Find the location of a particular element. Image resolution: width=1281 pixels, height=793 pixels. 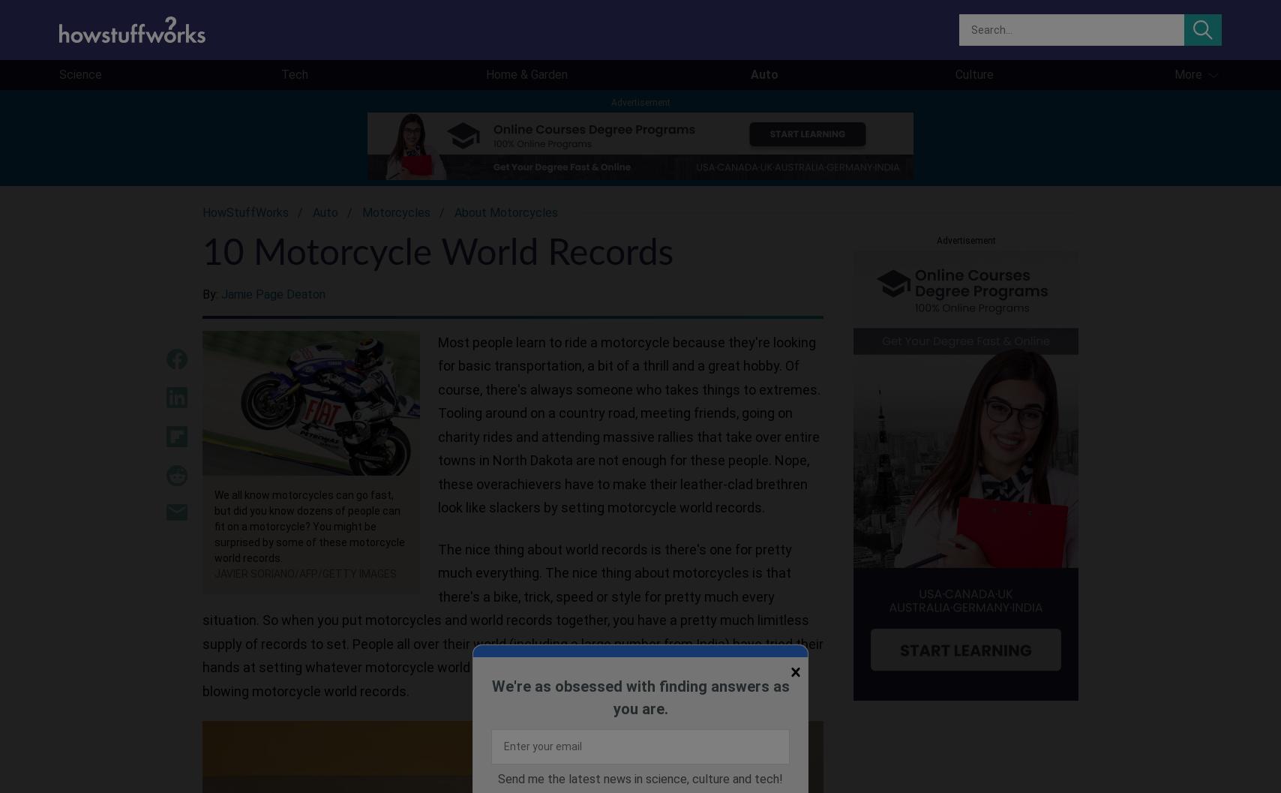

'We're as obsessed with finding answers as you are.' is located at coordinates (640, 697).